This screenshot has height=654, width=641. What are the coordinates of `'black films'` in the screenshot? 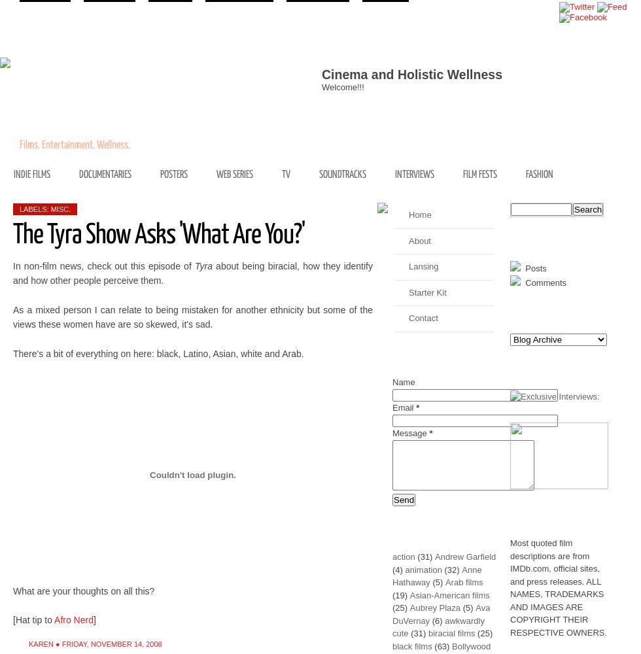 It's located at (392, 645).